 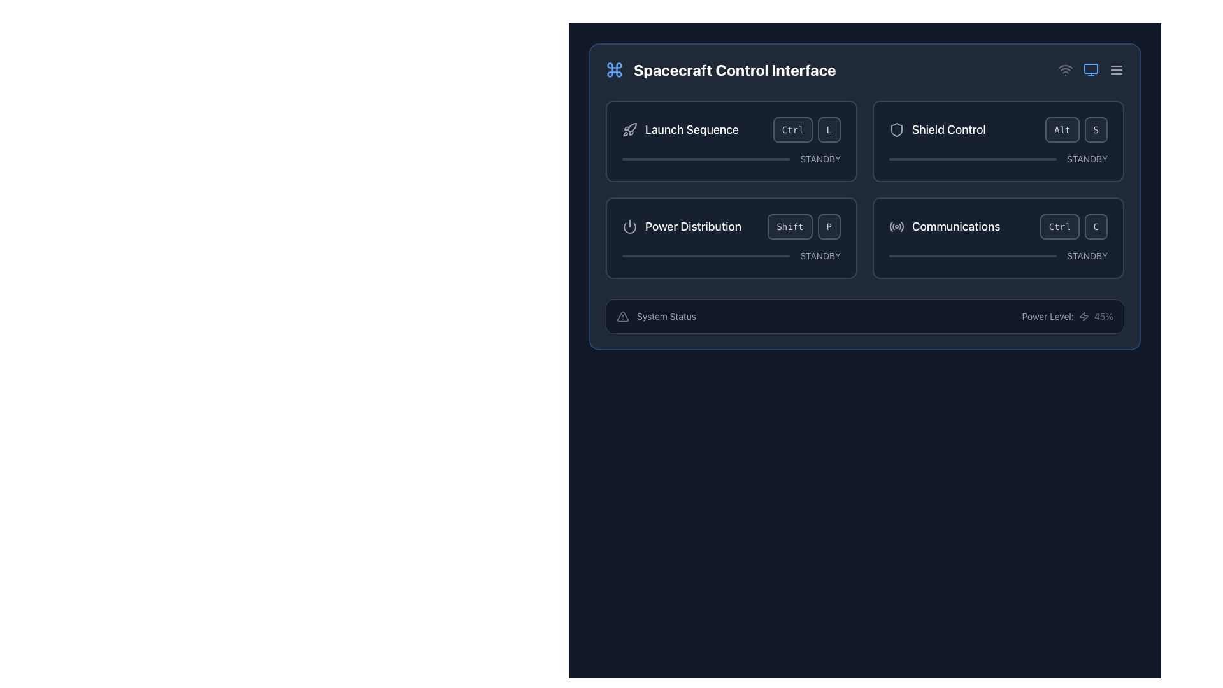 I want to click on the Non-interactive informational label displaying 'System Status' with a warning triangle icon, located at the bottom-left corner of the section, so click(x=656, y=316).